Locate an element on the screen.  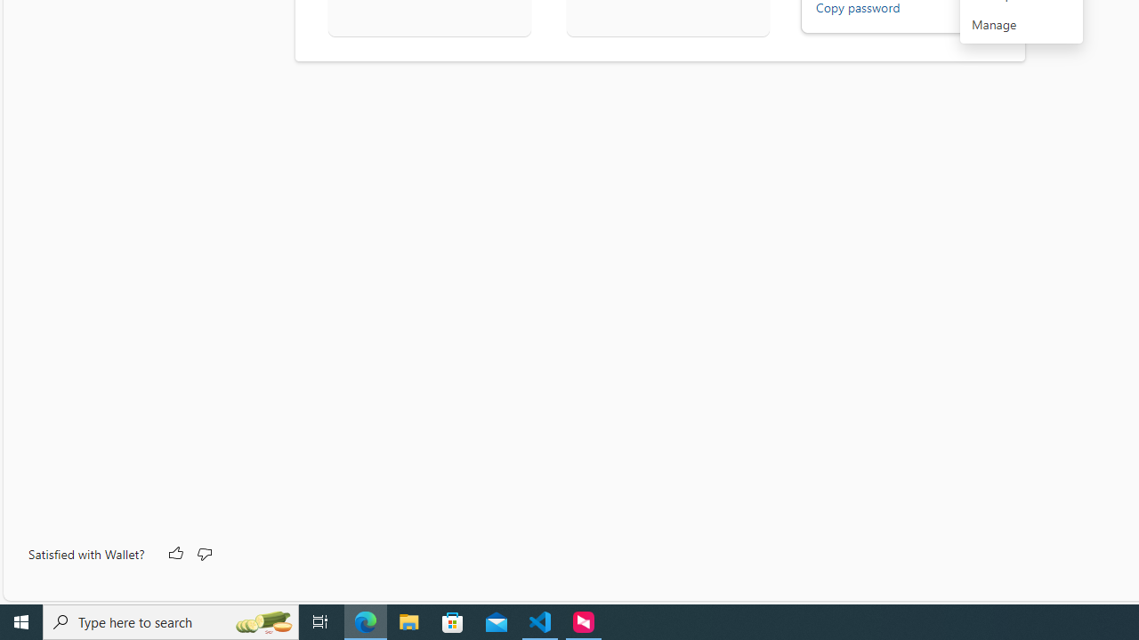
'Manage' is located at coordinates (1022, 25).